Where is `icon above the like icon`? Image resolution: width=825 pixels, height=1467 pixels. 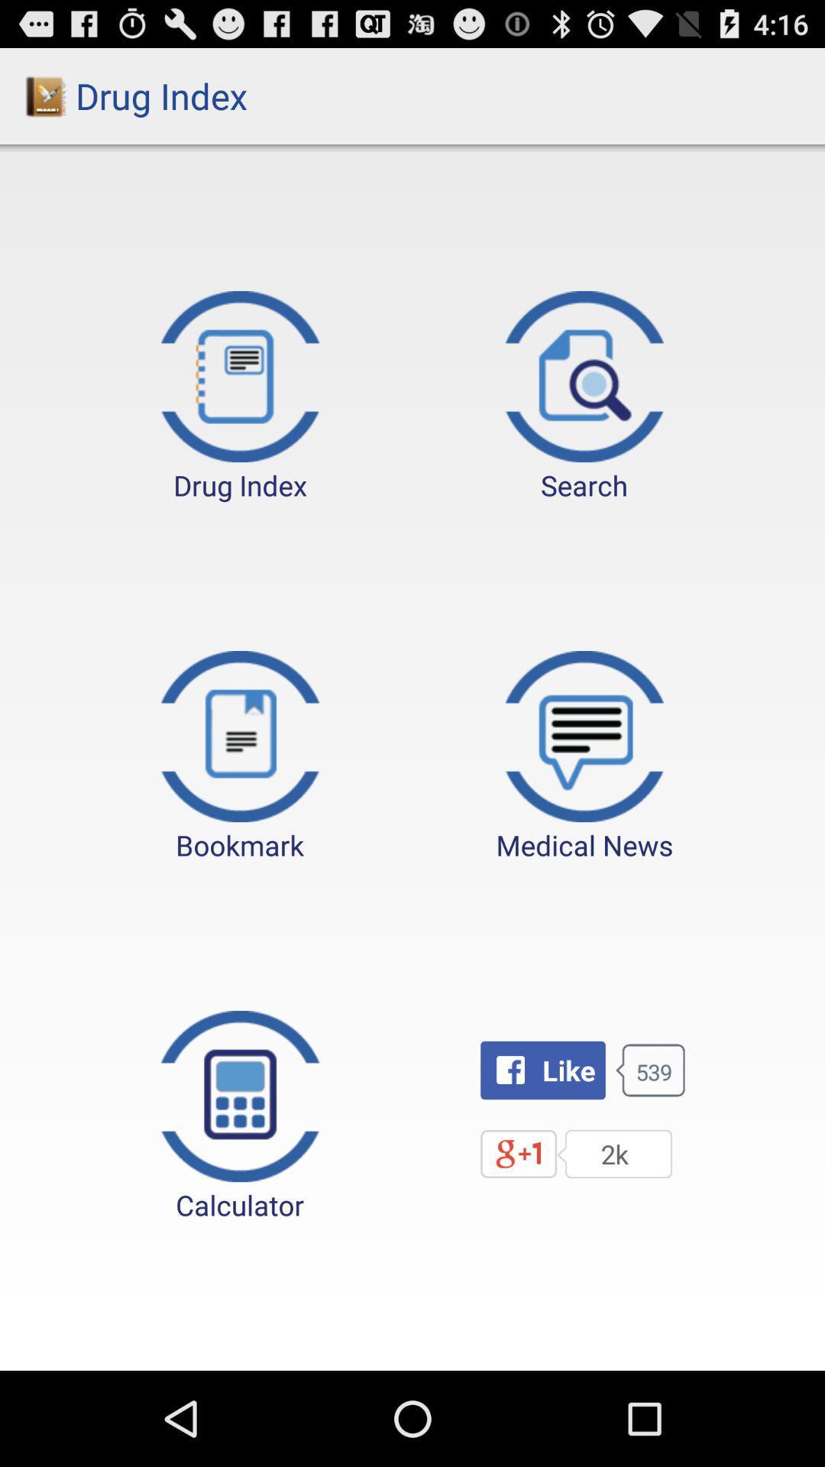
icon above the like icon is located at coordinates (584, 757).